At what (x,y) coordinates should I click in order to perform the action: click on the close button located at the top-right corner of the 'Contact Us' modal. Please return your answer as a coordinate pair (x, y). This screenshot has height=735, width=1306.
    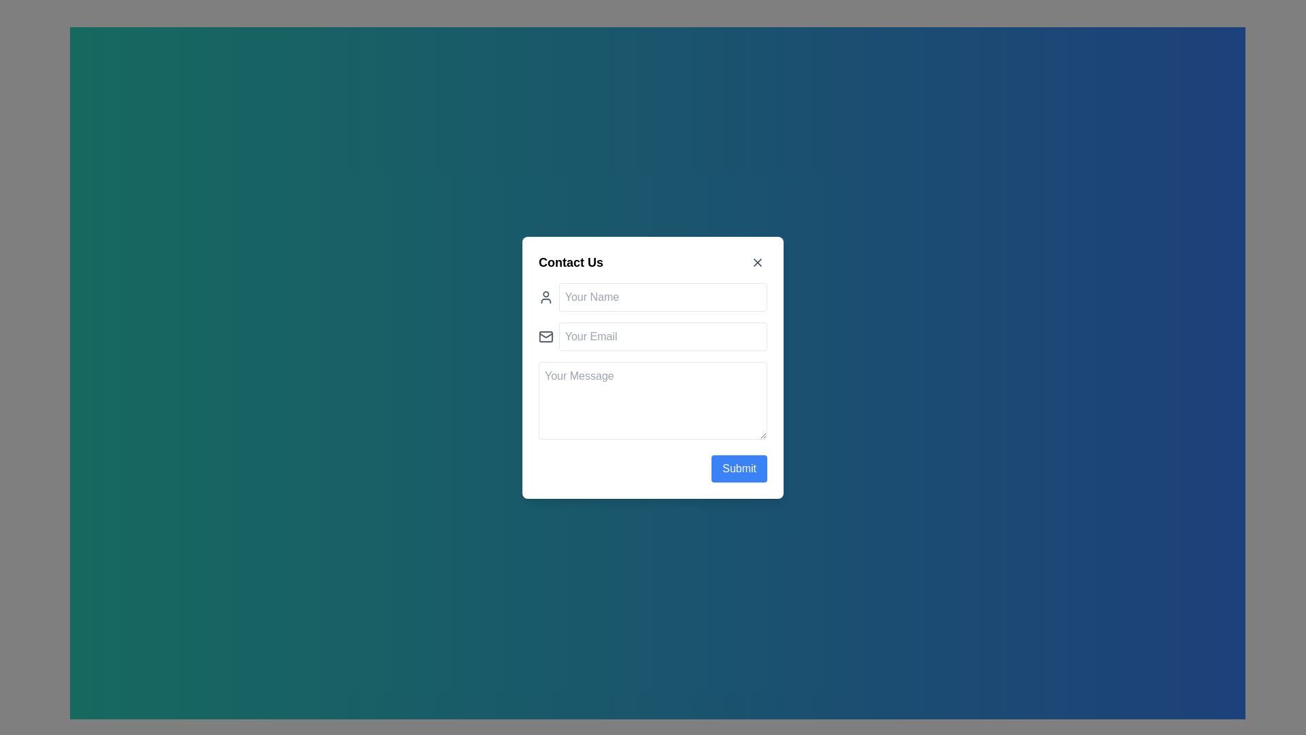
    Looking at the image, I should click on (756, 262).